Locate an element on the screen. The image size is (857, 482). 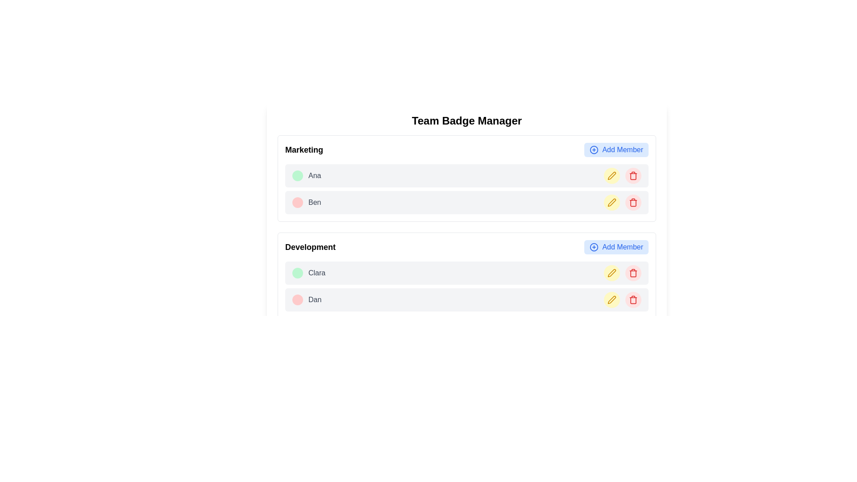
properties of the circular 'Active' status badge with a green background located in the top-left area of the 'Marketing' section, preceding the text 'Ana' is located at coordinates (298, 175).